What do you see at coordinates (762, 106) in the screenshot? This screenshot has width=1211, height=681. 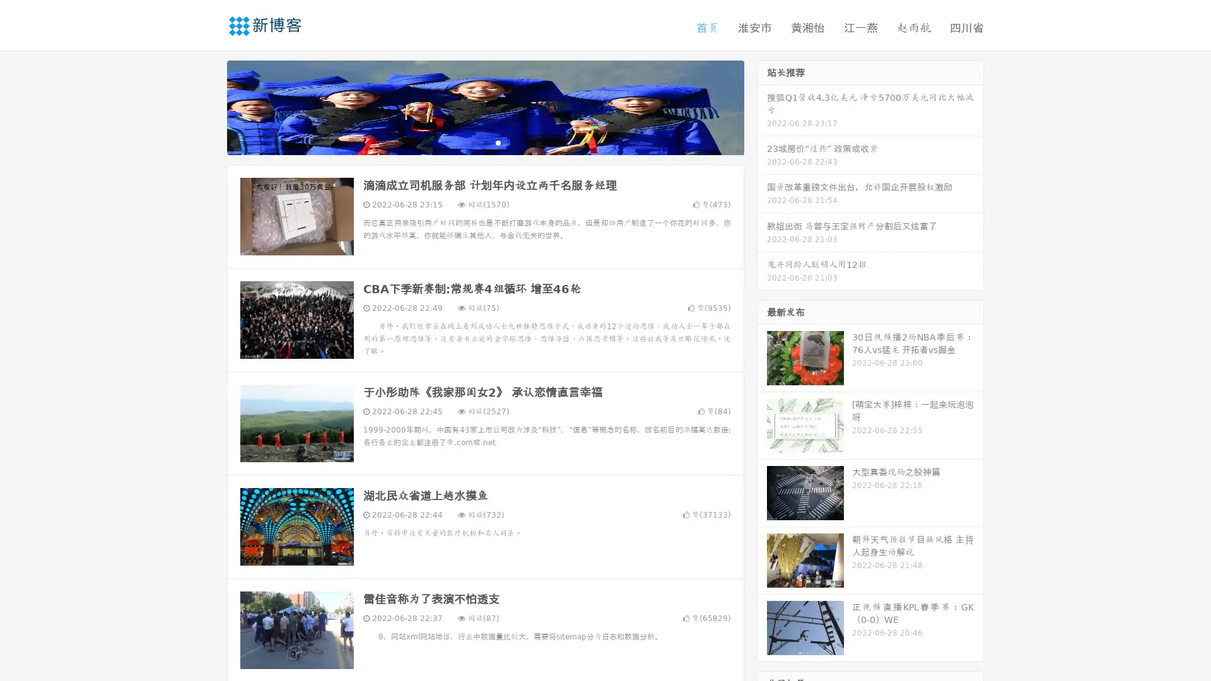 I see `Next slide` at bounding box center [762, 106].